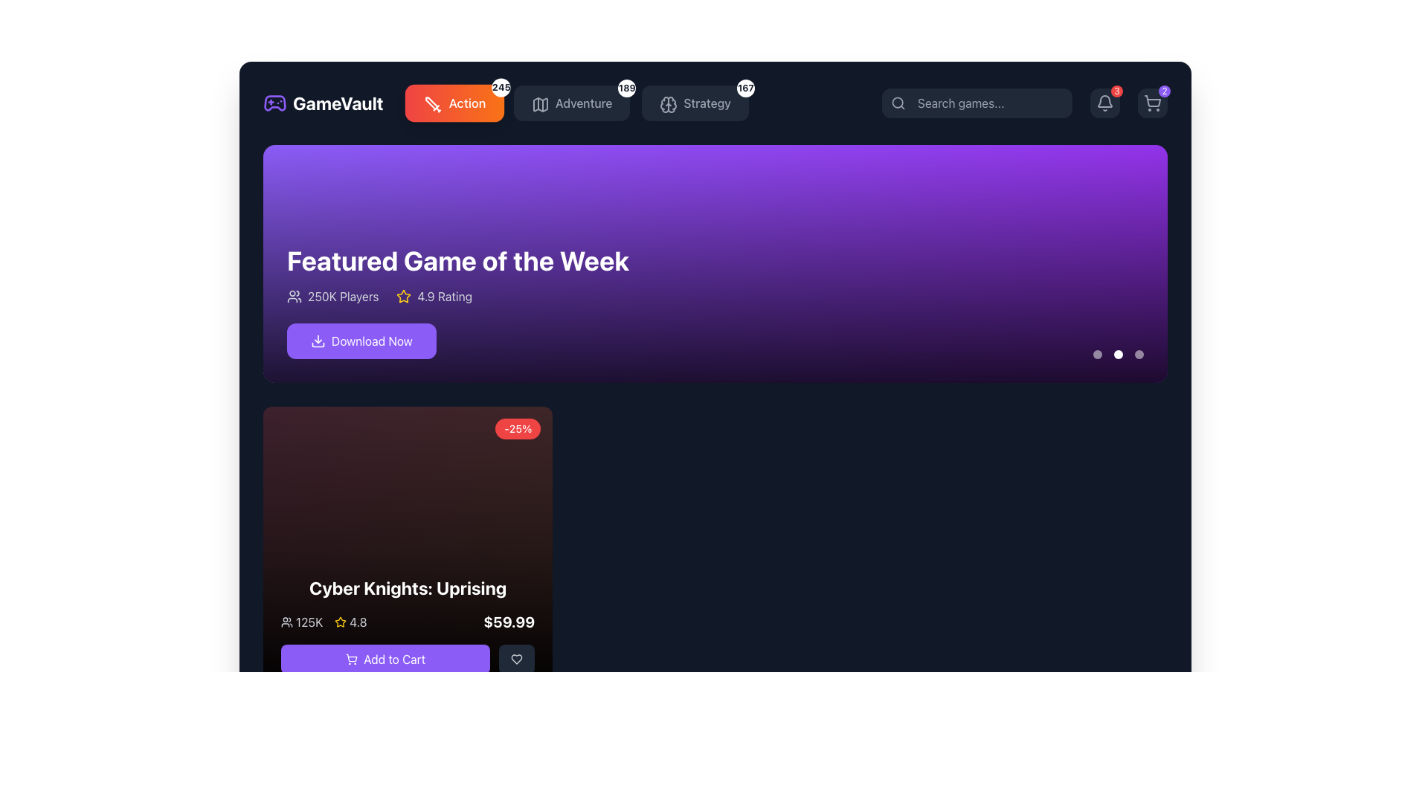  What do you see at coordinates (1105, 102) in the screenshot?
I see `the bell icon located in the upper-right corner of the interface` at bounding box center [1105, 102].